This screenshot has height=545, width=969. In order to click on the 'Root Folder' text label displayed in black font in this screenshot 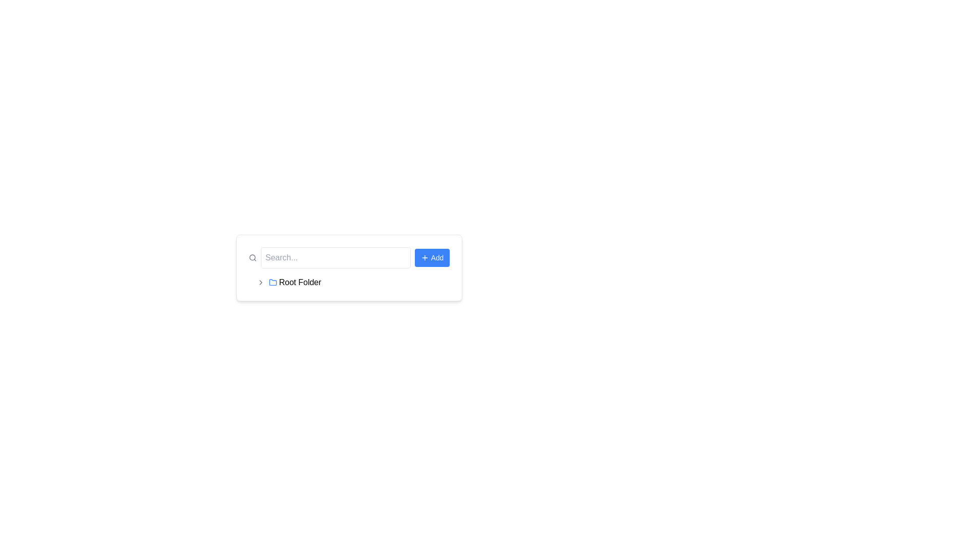, I will do `click(299, 282)`.